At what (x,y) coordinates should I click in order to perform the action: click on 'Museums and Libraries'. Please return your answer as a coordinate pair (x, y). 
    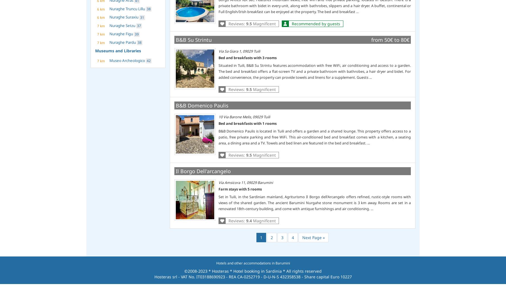
    Looking at the image, I should click on (118, 50).